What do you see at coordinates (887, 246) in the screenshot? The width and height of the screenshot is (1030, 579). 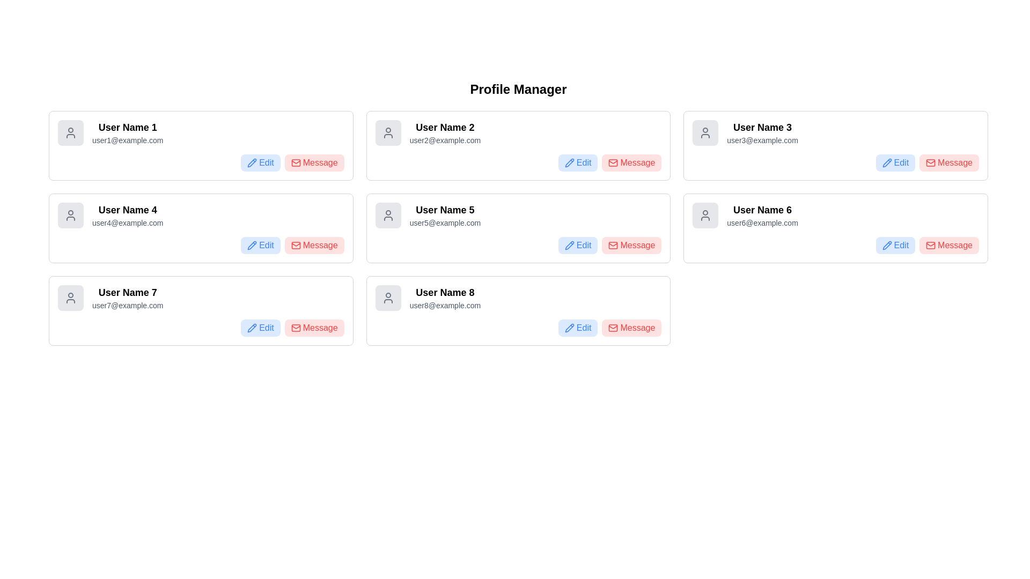 I see `the pencil icon located within the 'Edit' button of the 'User Name 6' card` at bounding box center [887, 246].